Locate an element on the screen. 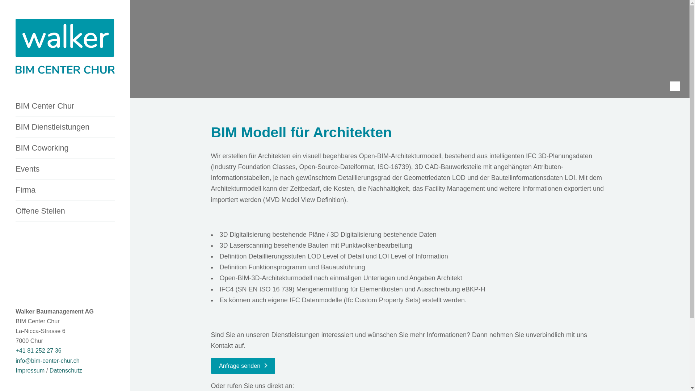 The height and width of the screenshot is (391, 695). 'Events' is located at coordinates (65, 169).